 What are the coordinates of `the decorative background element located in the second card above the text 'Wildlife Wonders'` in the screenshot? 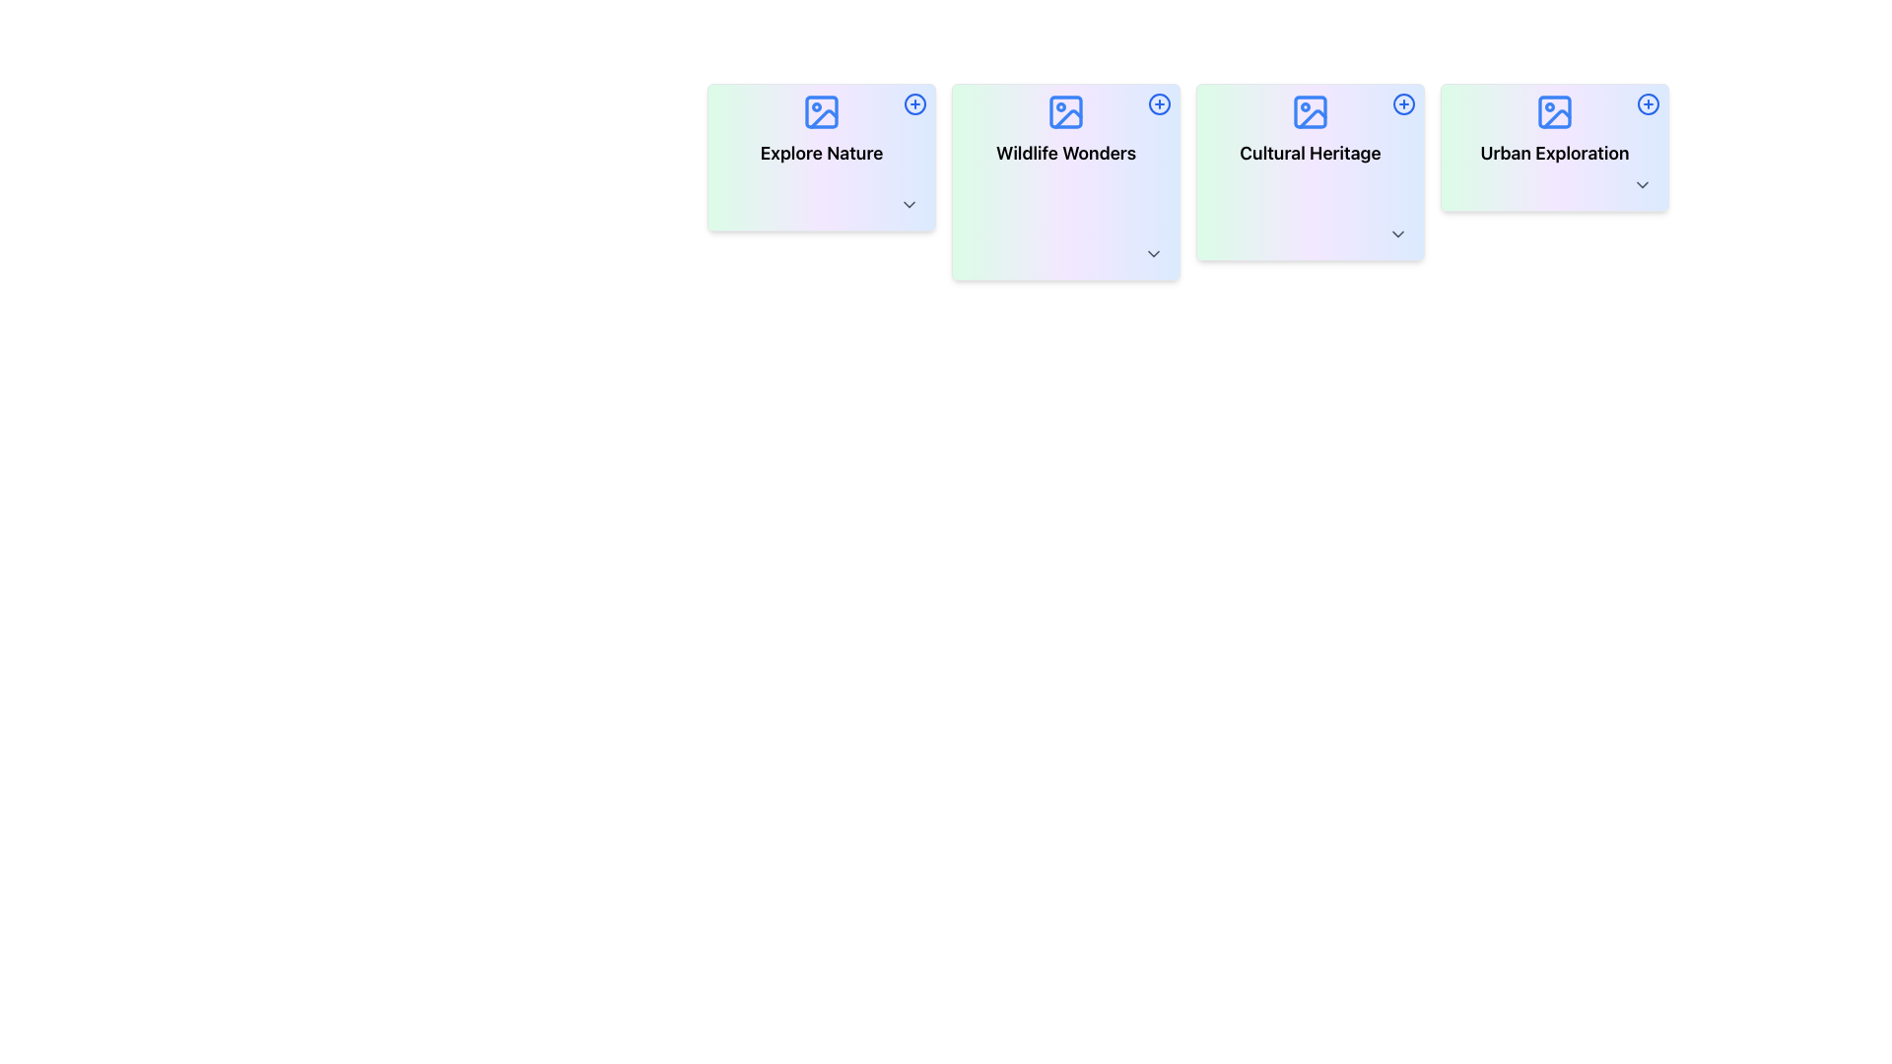 It's located at (1064, 112).